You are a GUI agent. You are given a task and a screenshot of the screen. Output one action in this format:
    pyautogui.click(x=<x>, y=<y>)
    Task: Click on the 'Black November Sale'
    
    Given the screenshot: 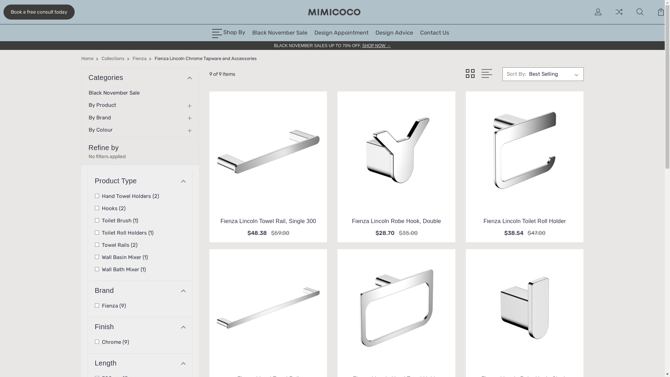 What is the action you would take?
    pyautogui.click(x=118, y=93)
    